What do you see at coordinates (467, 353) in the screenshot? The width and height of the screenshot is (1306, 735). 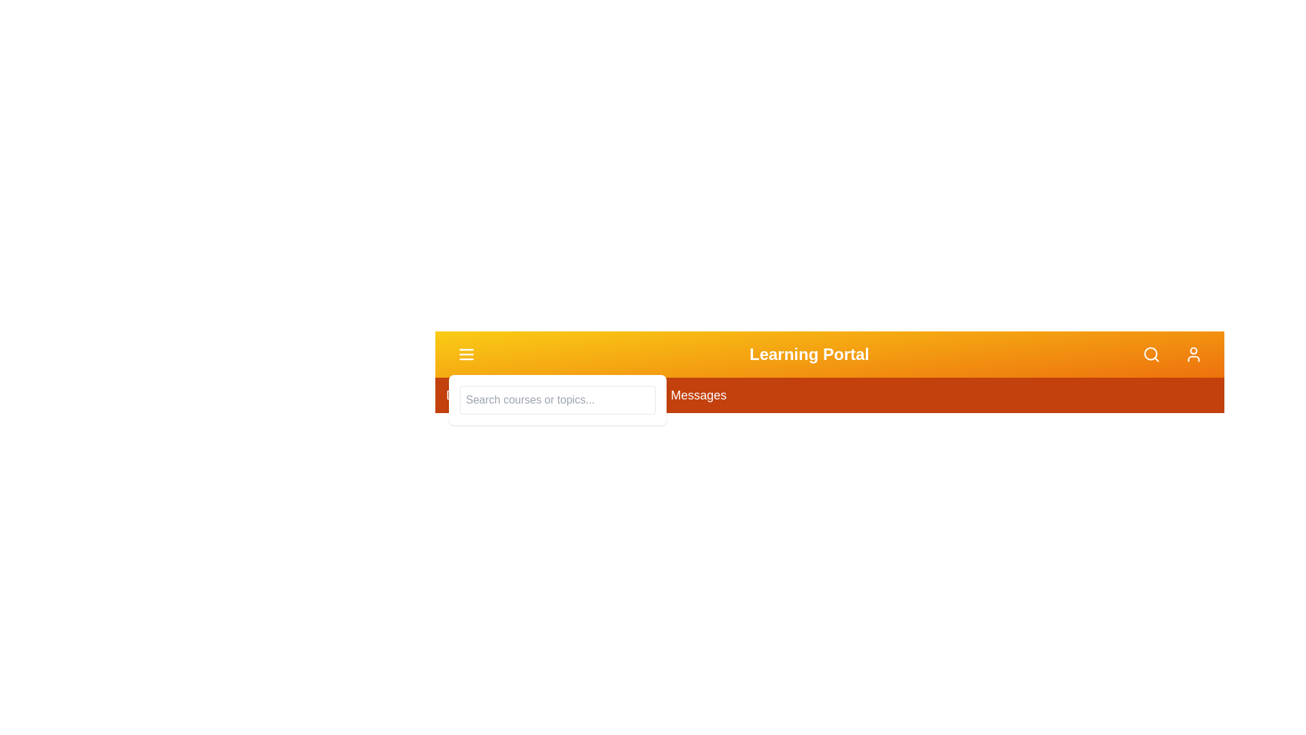 I see `the menu button to toggle the menu visibility` at bounding box center [467, 353].